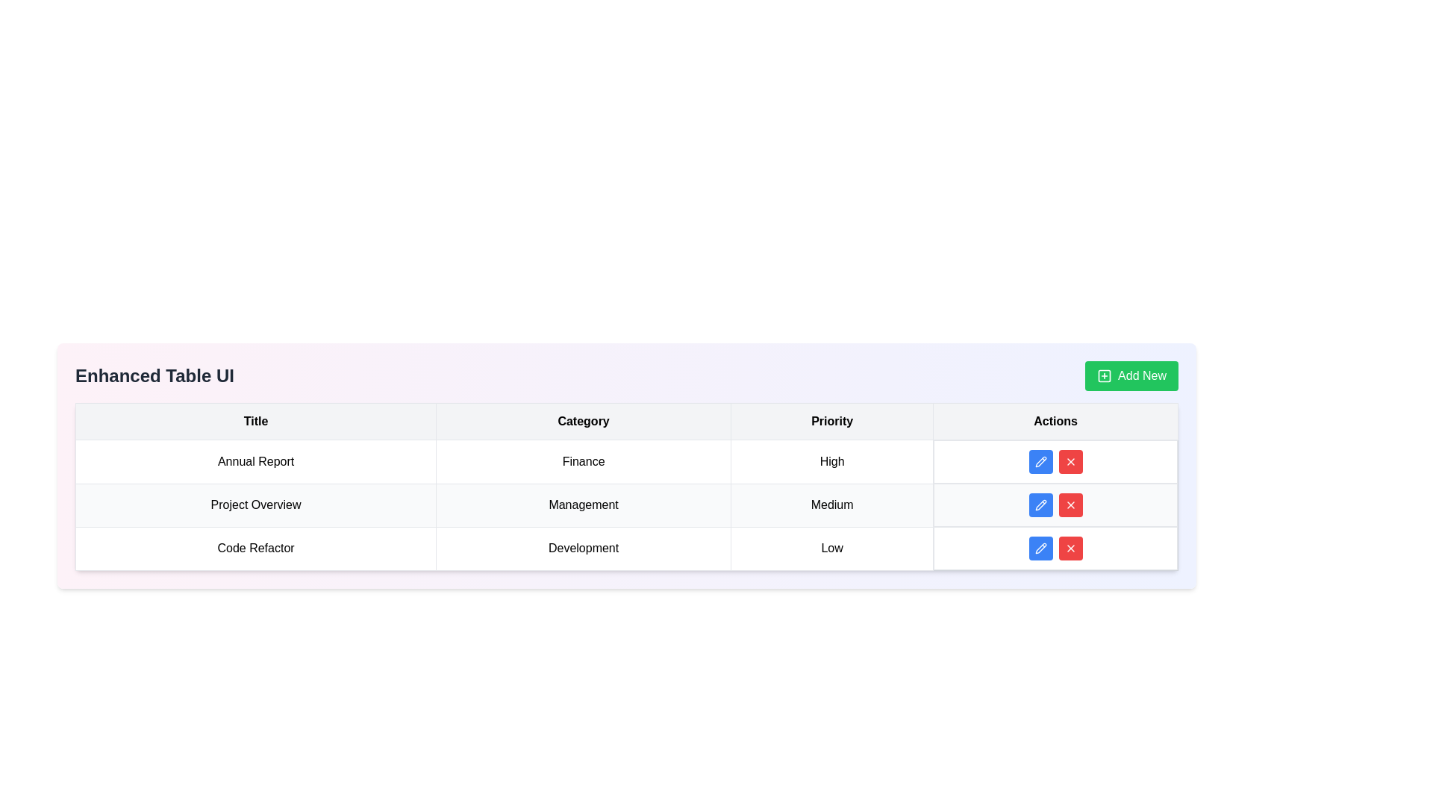 The height and width of the screenshot is (806, 1433). I want to click on the blue pencil button located in the Actions column of the last row of the table, which is associated with the 'Code Refactor' entry, so click(1055, 549).